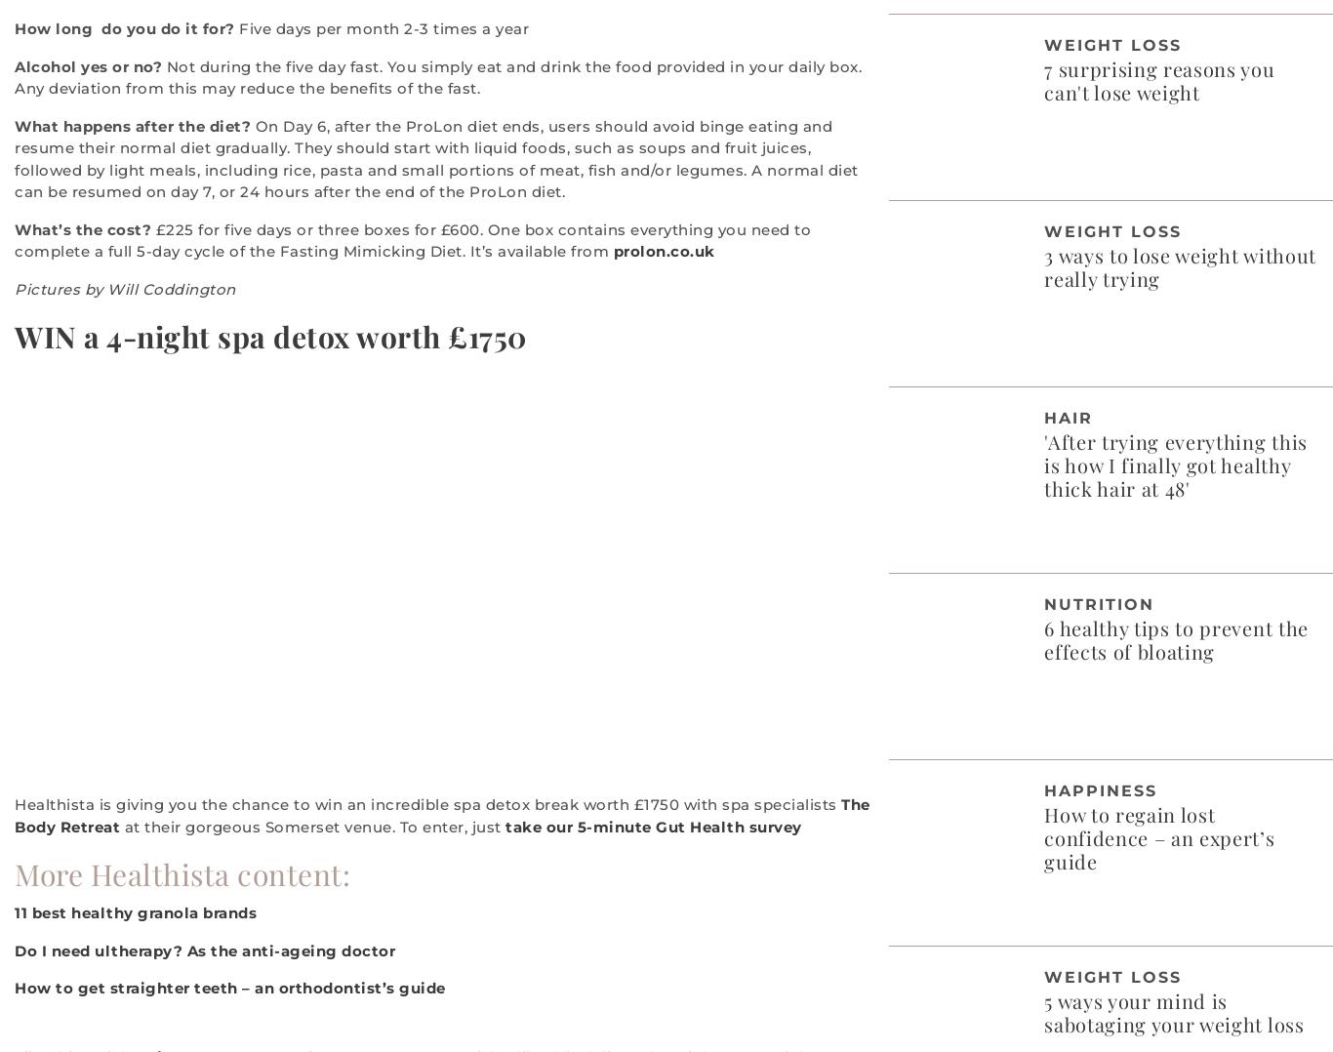  I want to click on 'The Body Retreat', so click(15, 815).